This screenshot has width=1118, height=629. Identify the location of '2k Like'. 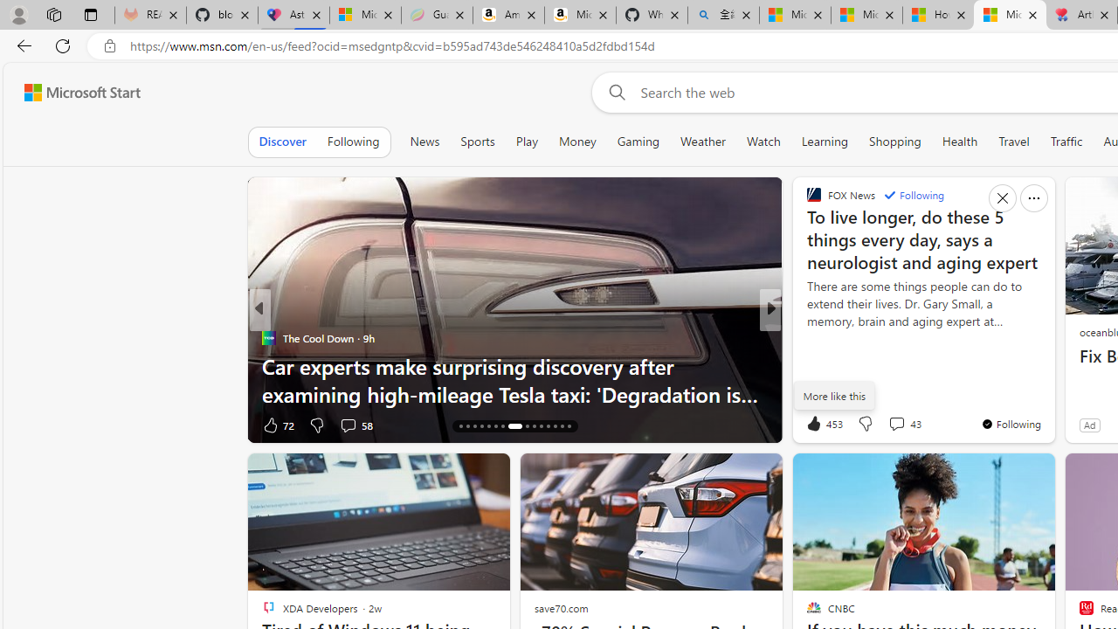
(814, 425).